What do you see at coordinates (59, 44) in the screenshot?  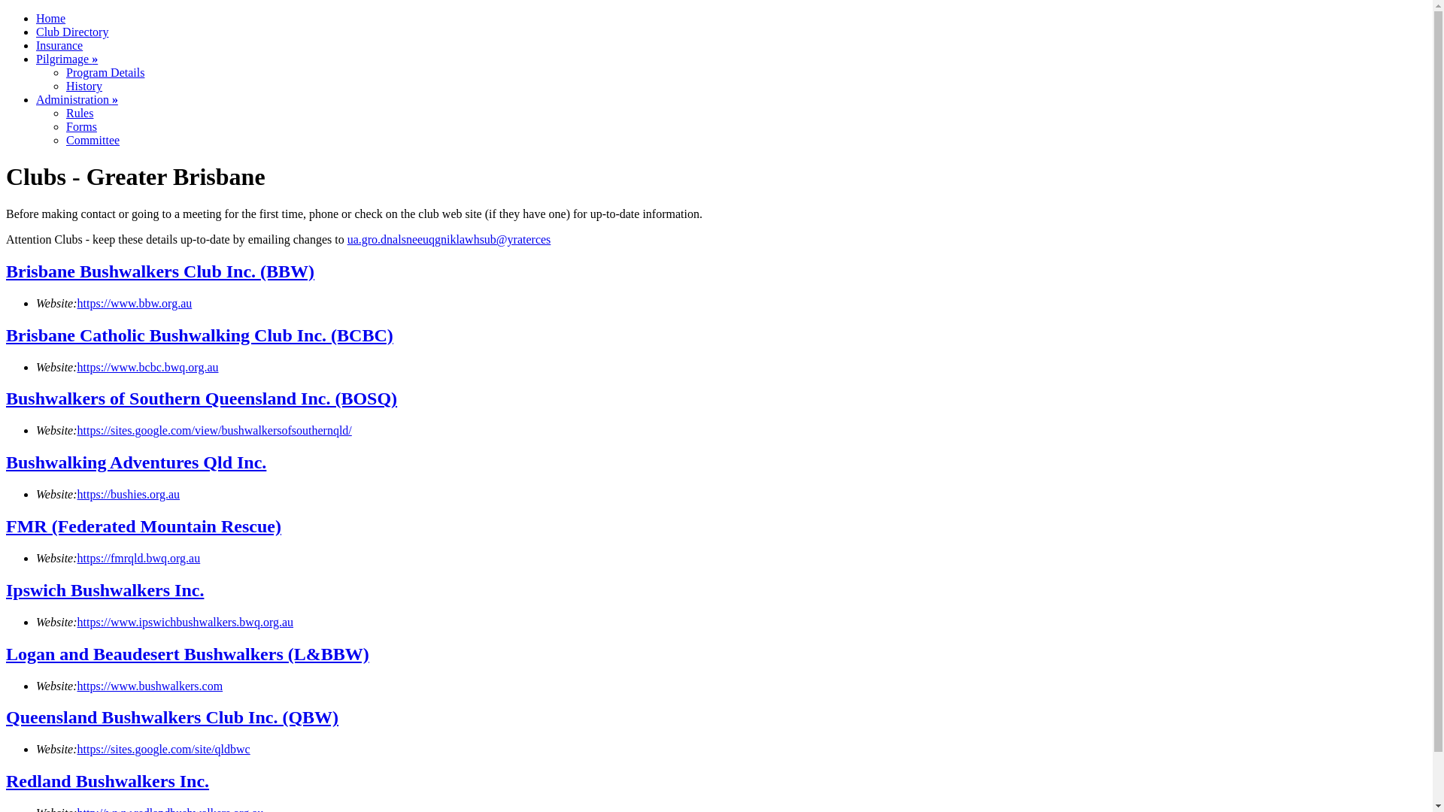 I see `'Insurance'` at bounding box center [59, 44].